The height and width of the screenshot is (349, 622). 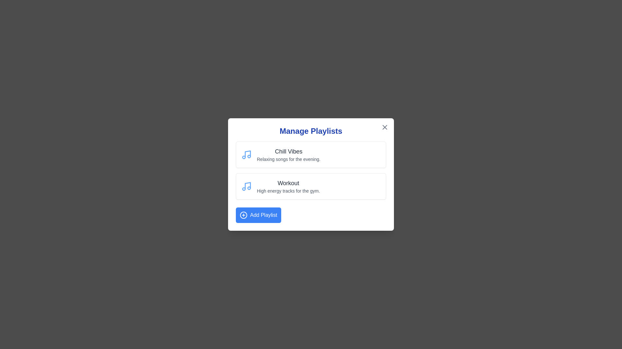 What do you see at coordinates (288, 190) in the screenshot?
I see `the descriptive text element located beneath the 'Workout' title in the playlist box, which provides additional information about the playlist` at bounding box center [288, 190].